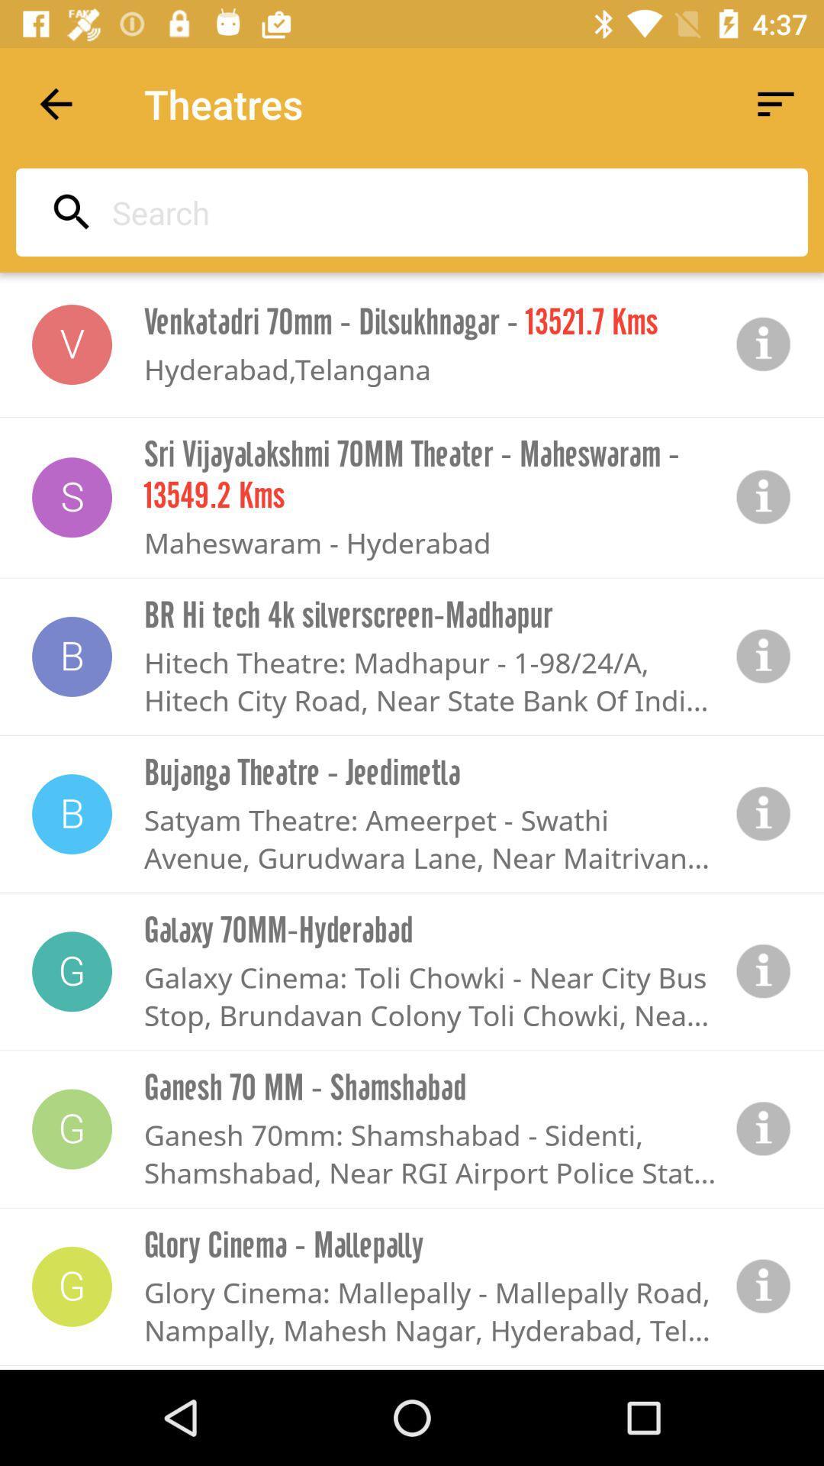 The width and height of the screenshot is (824, 1466). What do you see at coordinates (764, 497) in the screenshot?
I see `tap button for more information` at bounding box center [764, 497].